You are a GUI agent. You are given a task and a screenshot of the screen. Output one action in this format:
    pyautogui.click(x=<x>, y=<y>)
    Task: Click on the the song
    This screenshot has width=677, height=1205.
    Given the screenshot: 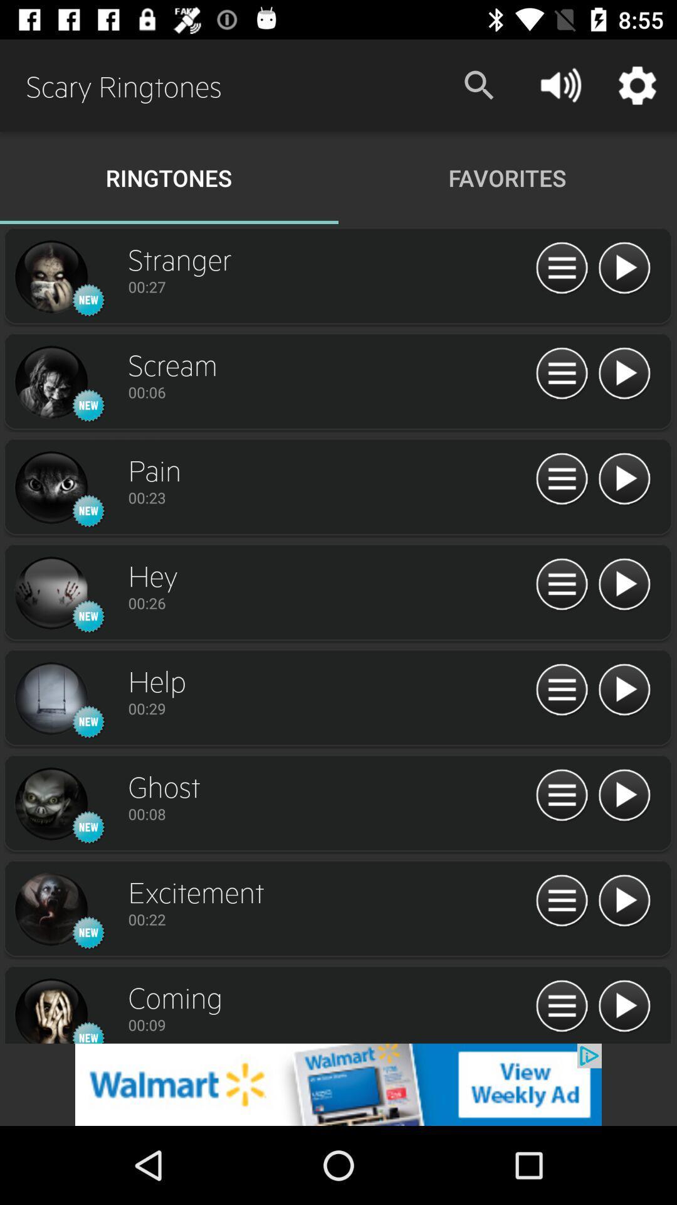 What is the action you would take?
    pyautogui.click(x=624, y=268)
    